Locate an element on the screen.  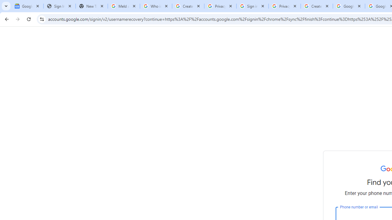
'Forward' is located at coordinates (18, 19).